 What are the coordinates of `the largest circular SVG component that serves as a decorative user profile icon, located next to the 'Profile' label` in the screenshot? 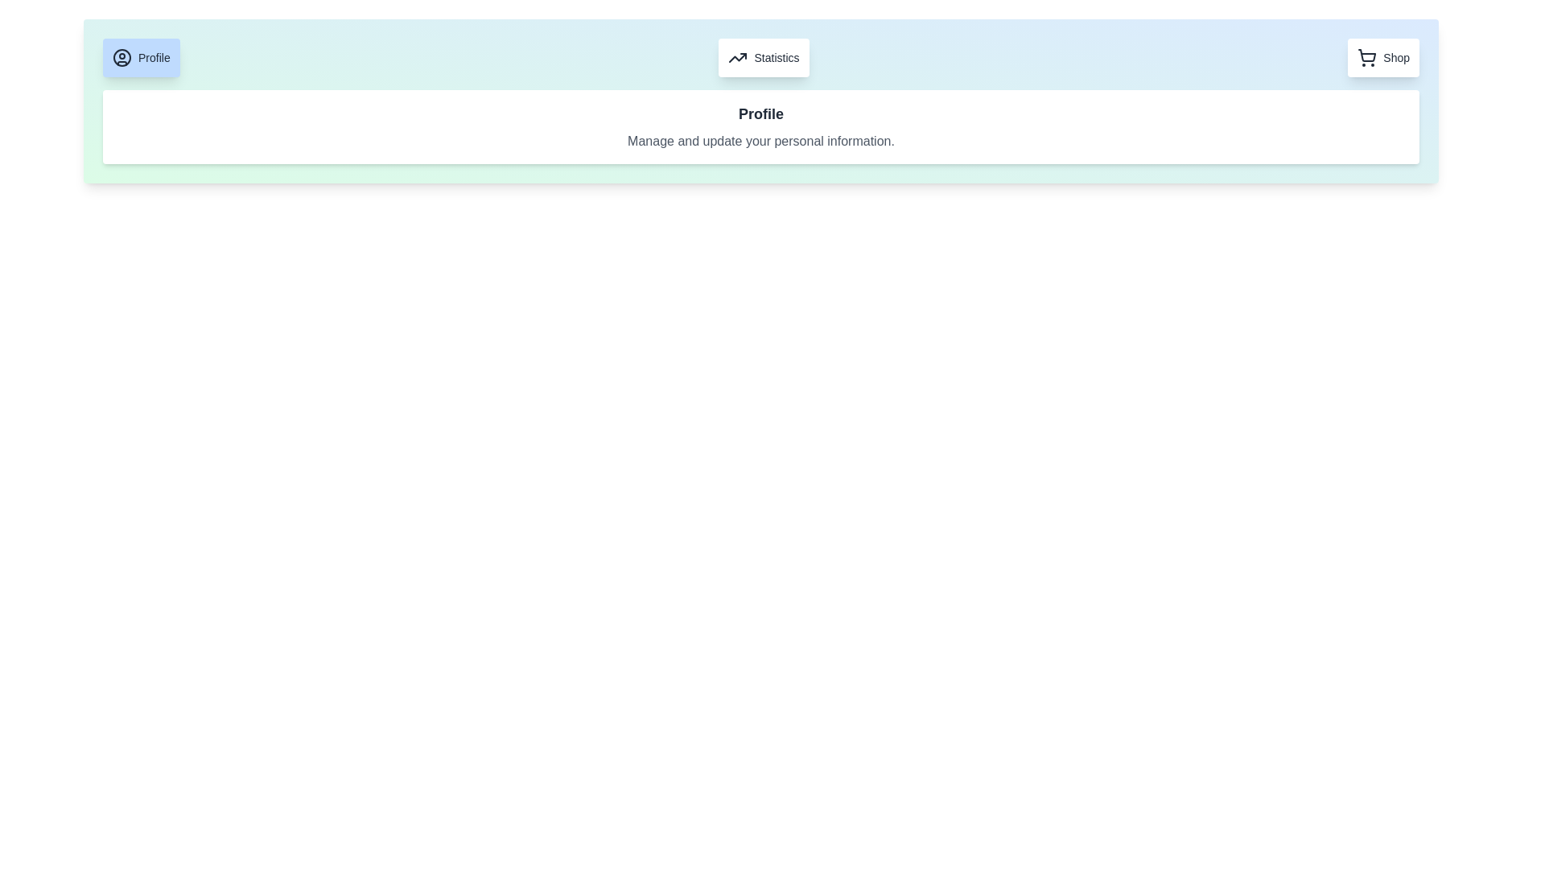 It's located at (122, 57).